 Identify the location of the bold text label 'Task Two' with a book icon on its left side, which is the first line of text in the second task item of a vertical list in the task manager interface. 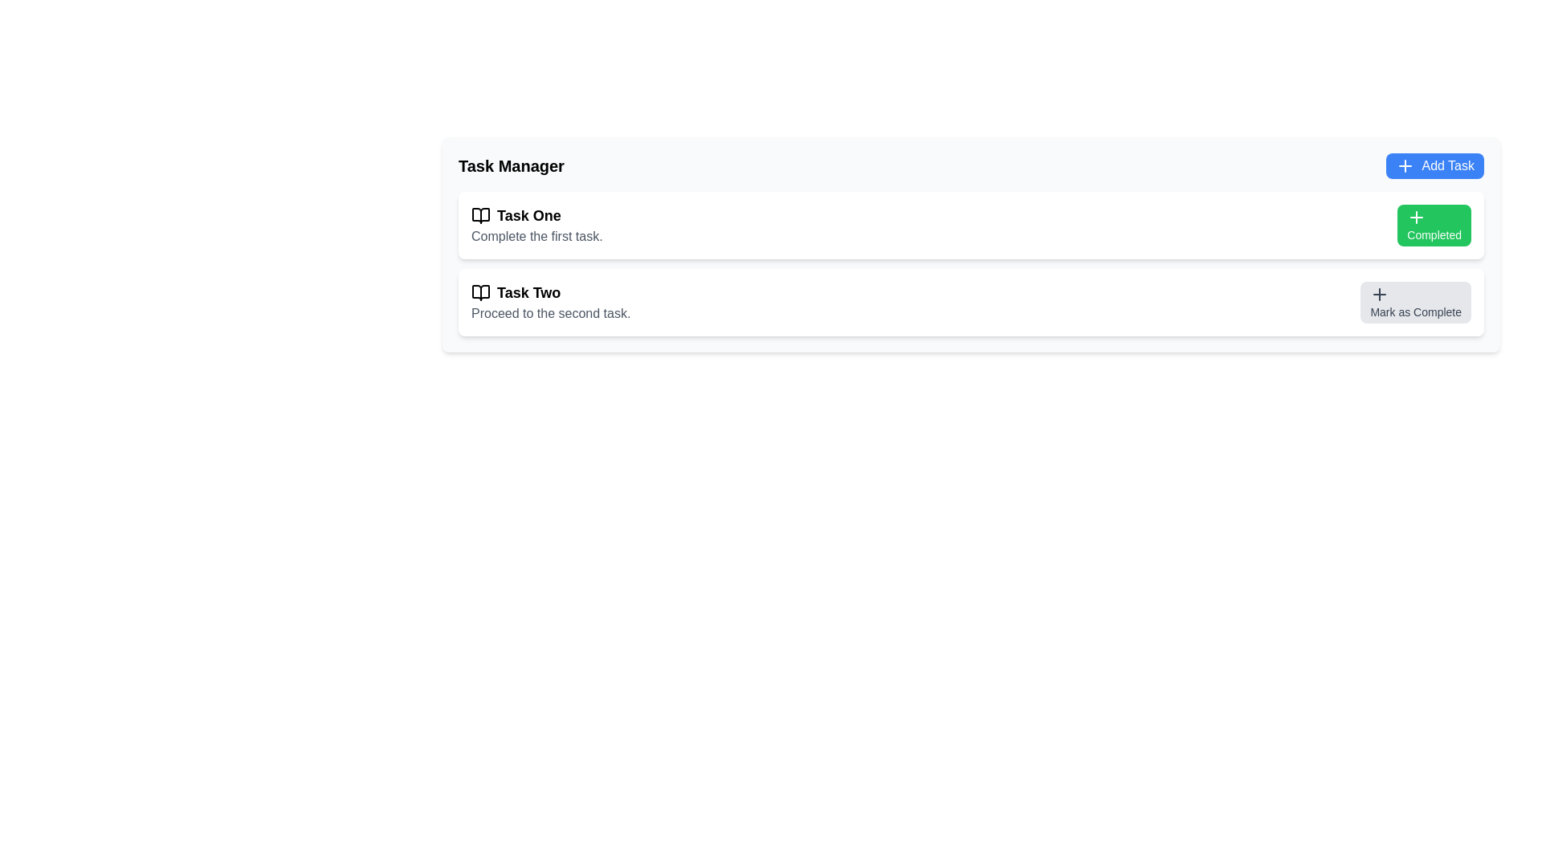
(551, 293).